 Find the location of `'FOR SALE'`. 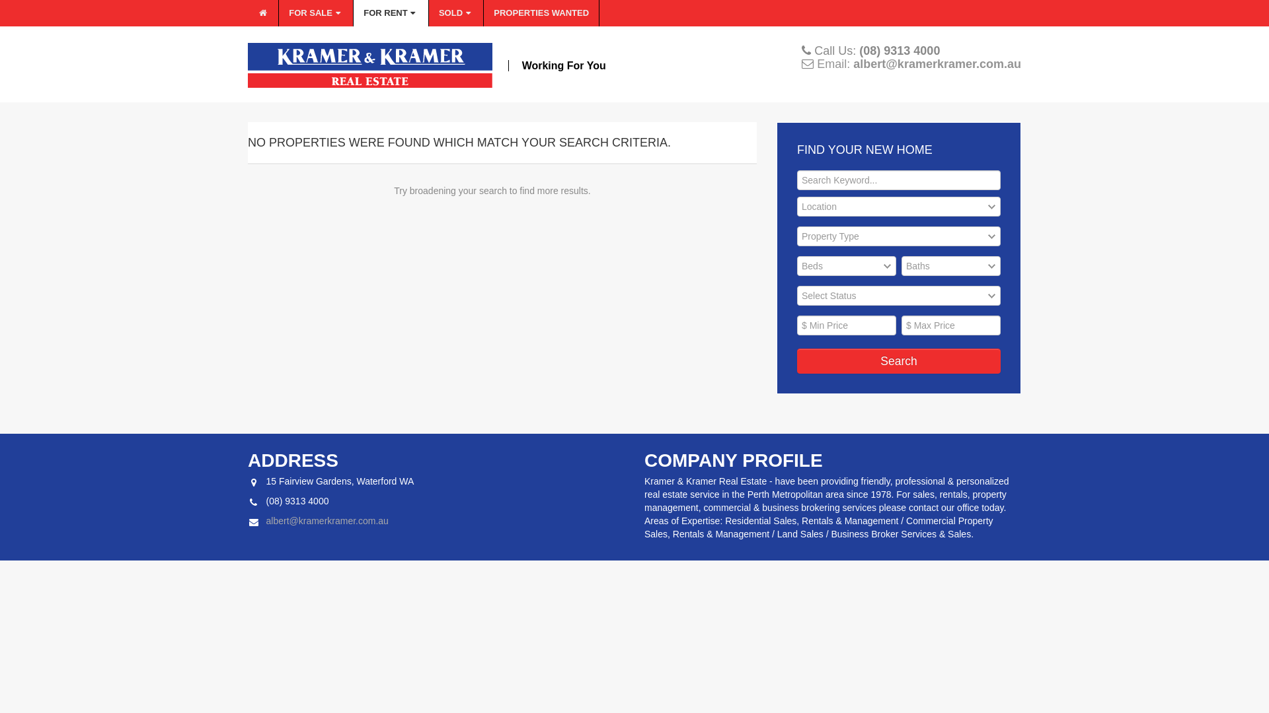

'FOR SALE' is located at coordinates (315, 13).